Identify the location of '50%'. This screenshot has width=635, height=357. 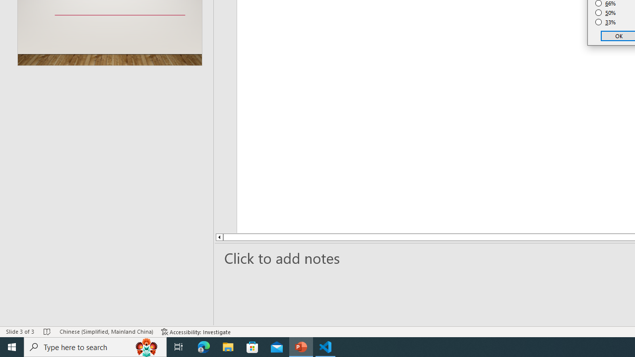
(605, 12).